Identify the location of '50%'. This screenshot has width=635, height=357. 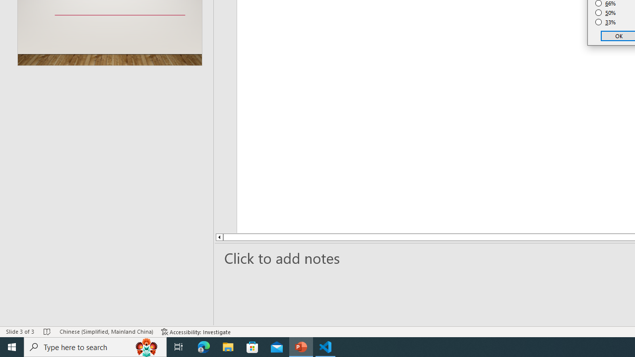
(605, 12).